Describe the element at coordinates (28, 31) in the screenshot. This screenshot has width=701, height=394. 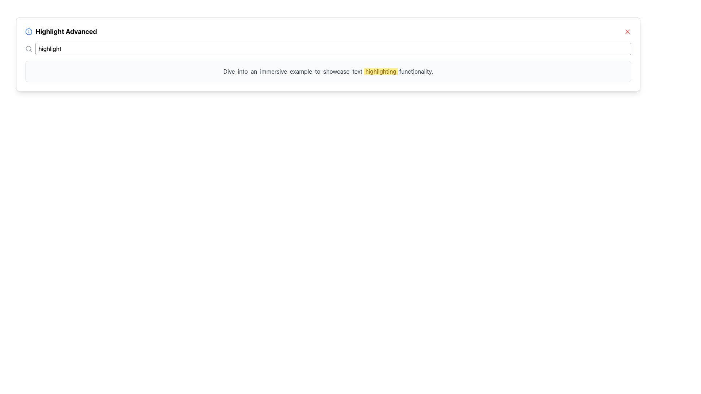
I see `the informational icon located to the left of the 'Highlight Advanced' header` at that location.